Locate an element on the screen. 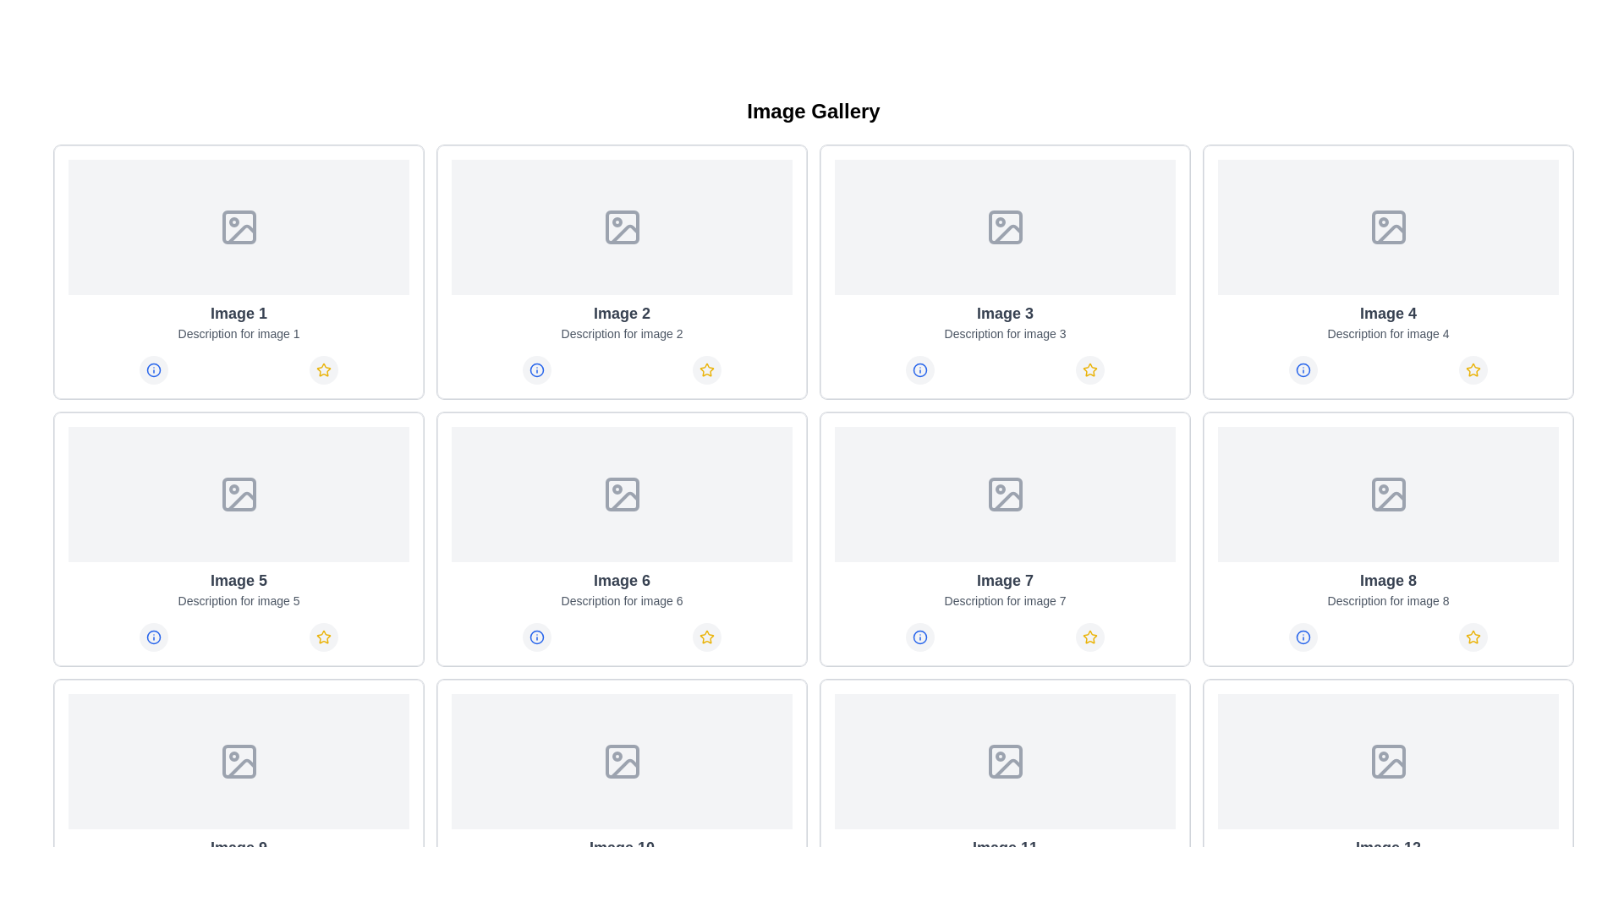 This screenshot has width=1624, height=913. the graphical icon component located in the sixth image slot of the gallery, which has a rectangular shape with rounded corners is located at coordinates (621, 495).